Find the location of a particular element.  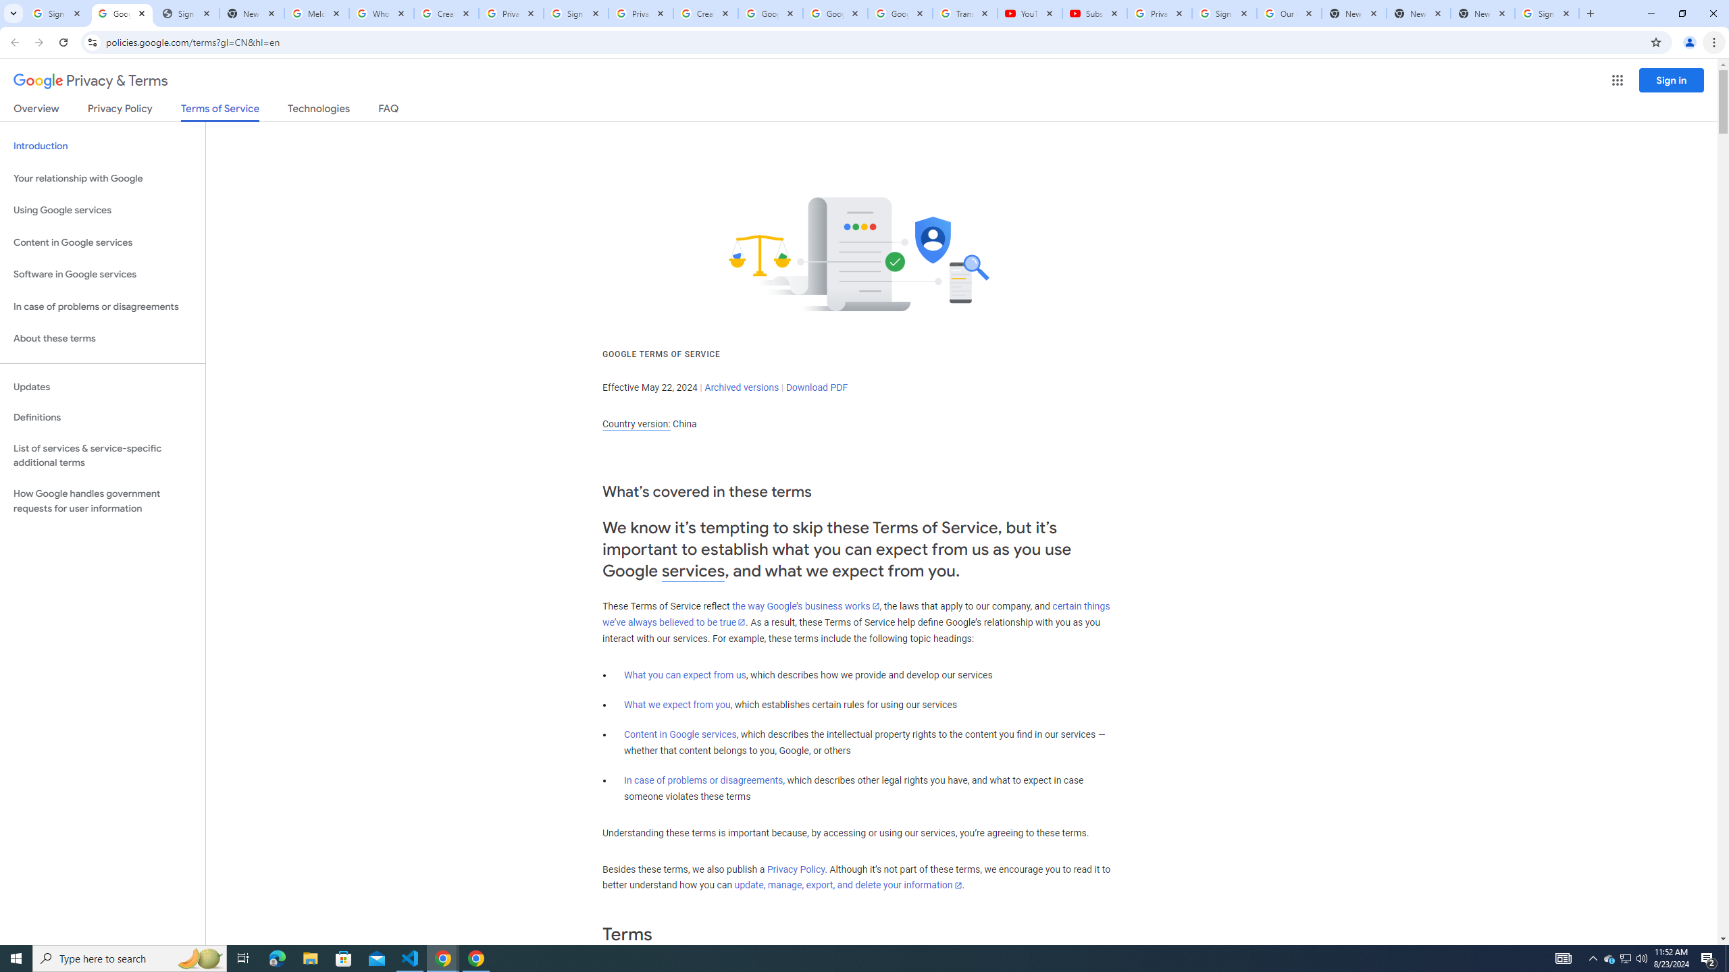

'Software in Google services' is located at coordinates (102, 273).